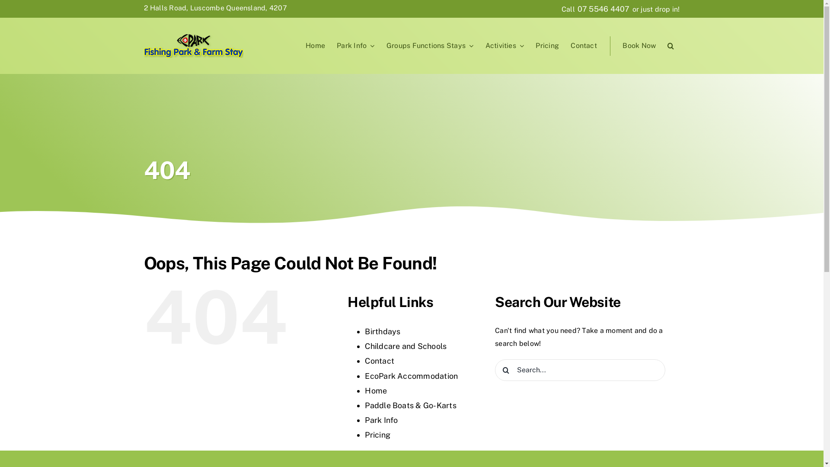  I want to click on 'Park Info', so click(355, 46).